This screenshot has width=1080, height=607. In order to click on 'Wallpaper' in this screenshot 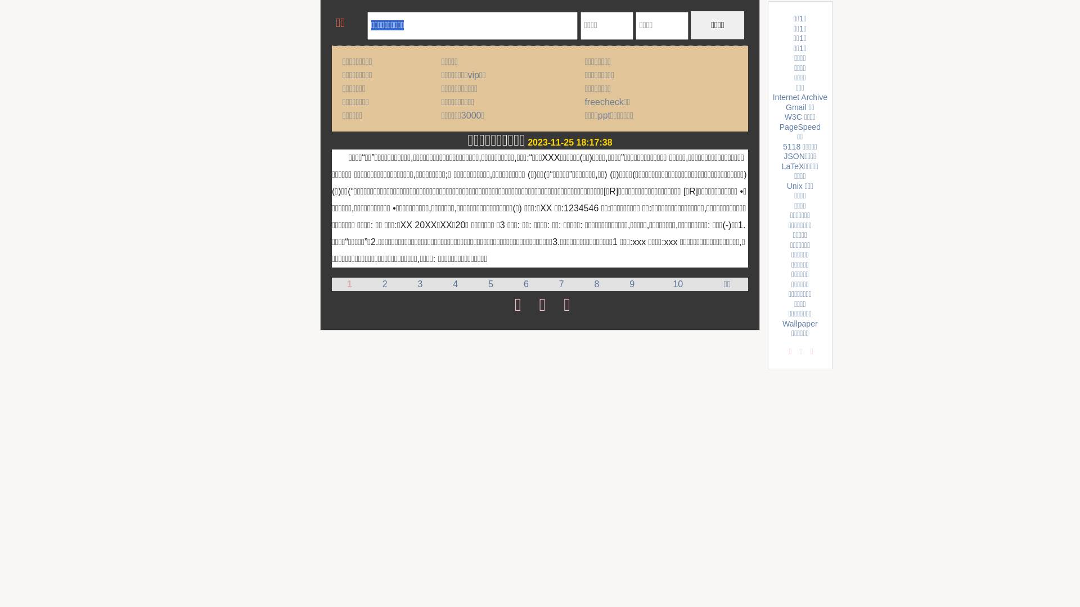, I will do `click(799, 323)`.